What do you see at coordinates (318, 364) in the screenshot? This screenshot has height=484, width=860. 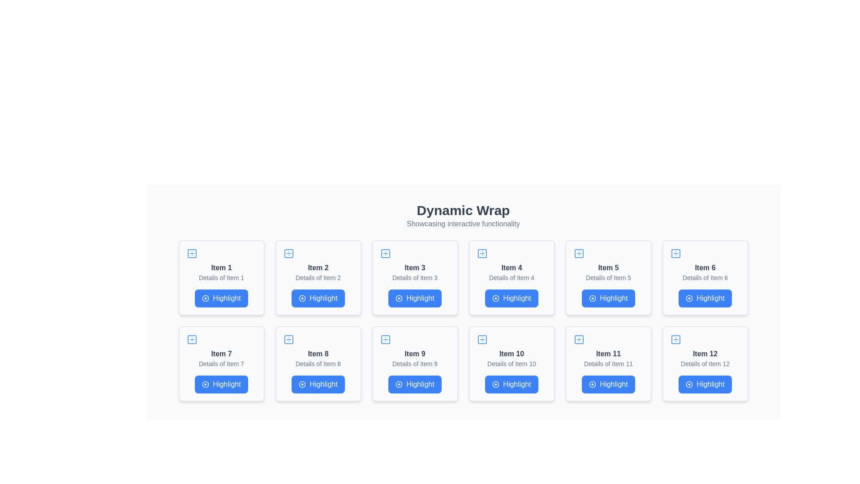 I see `text content of the gray text label that says 'Details of Item 8', which is located under the title 'Item 8' in the fourth card of the second row` at bounding box center [318, 364].